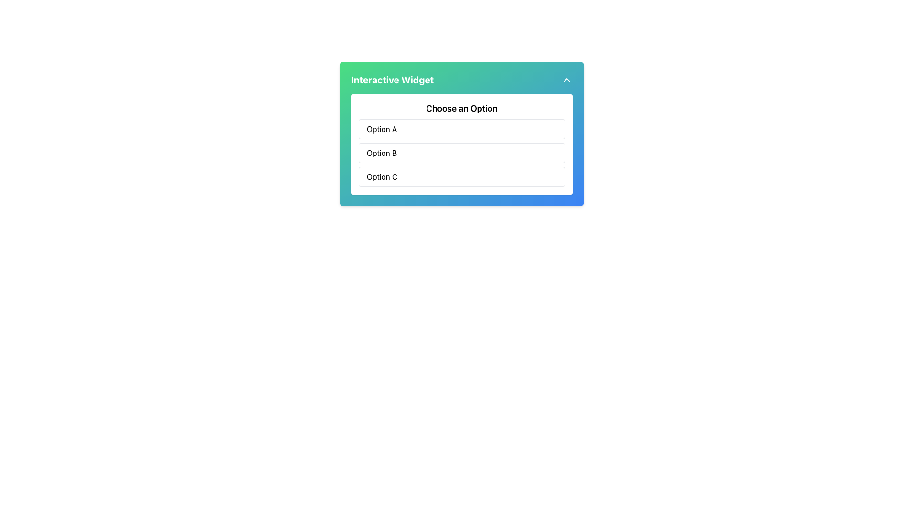 This screenshot has height=515, width=917. I want to click on the 'Option A' button, which is a rectangular button with rounded corners and light border located beneath the title 'Choose an Option'. The button displays a light blue background on hover, indicating interactivity, so click(461, 129).